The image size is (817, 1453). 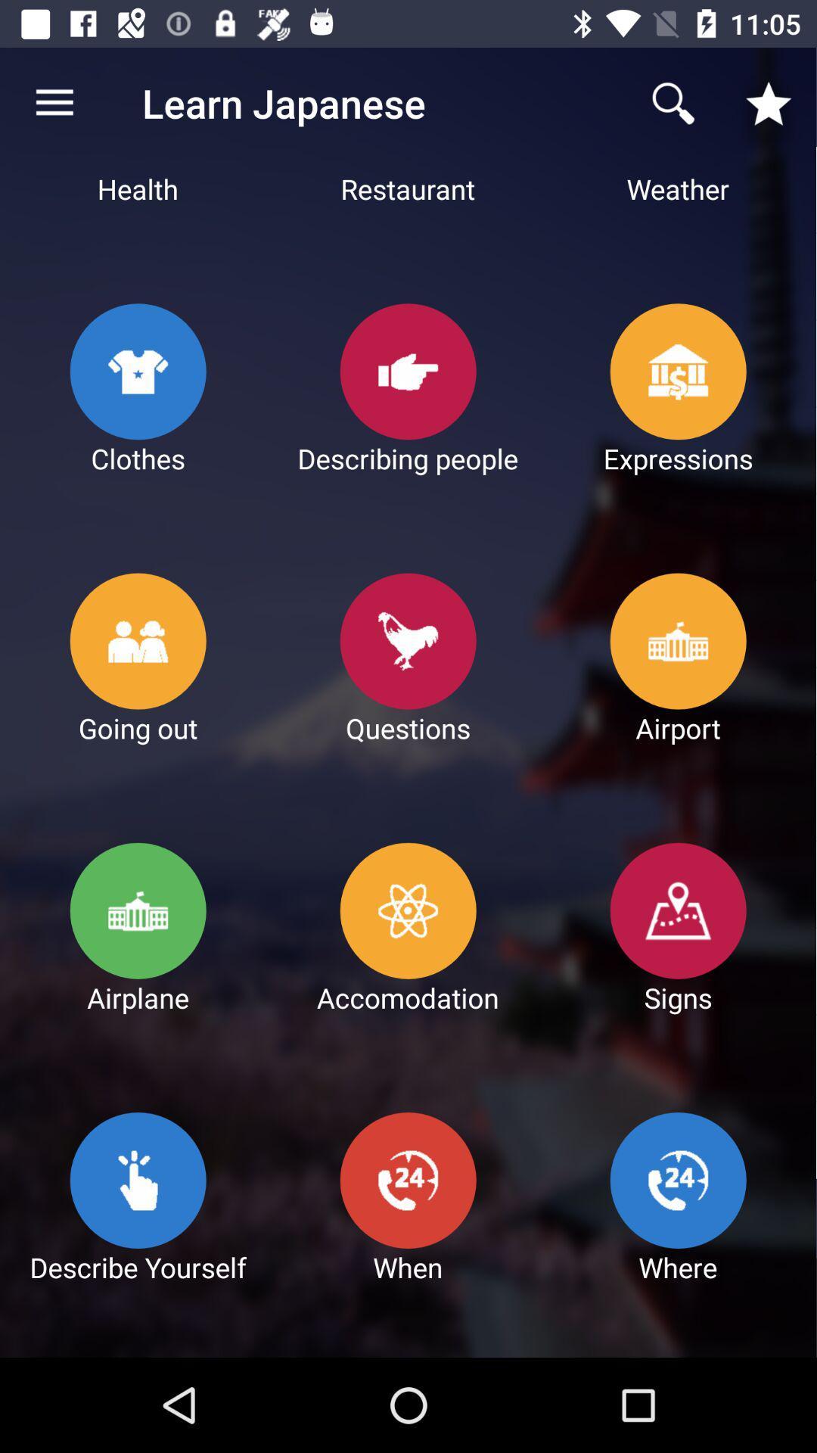 What do you see at coordinates (679, 910) in the screenshot?
I see `the icon below airport` at bounding box center [679, 910].